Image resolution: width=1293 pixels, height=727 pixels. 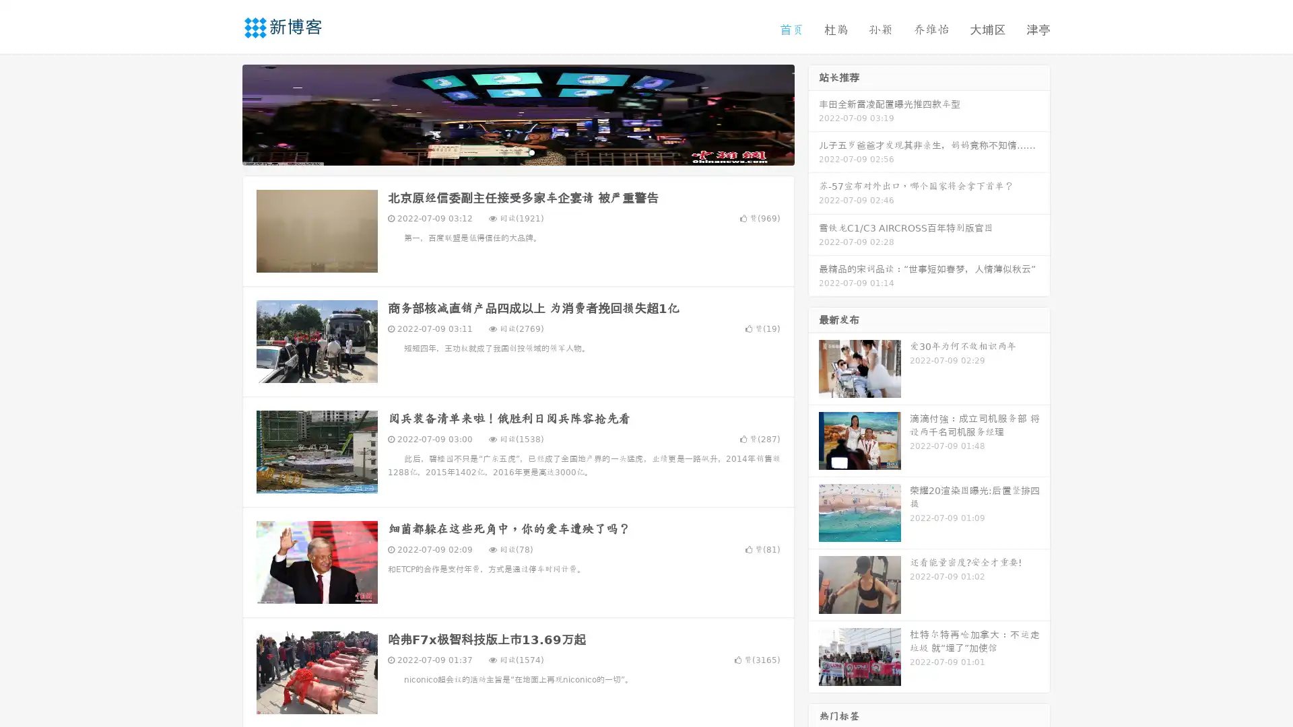 I want to click on Previous slide, so click(x=222, y=113).